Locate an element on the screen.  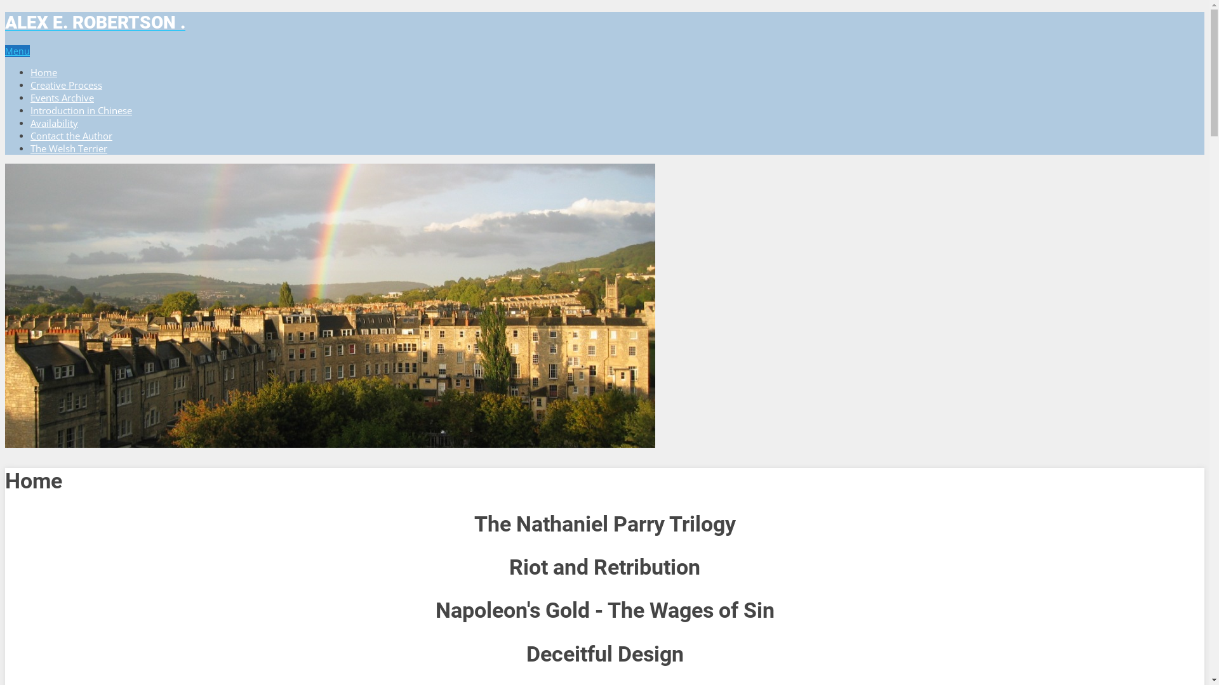
'Creative Process' is located at coordinates (30, 85).